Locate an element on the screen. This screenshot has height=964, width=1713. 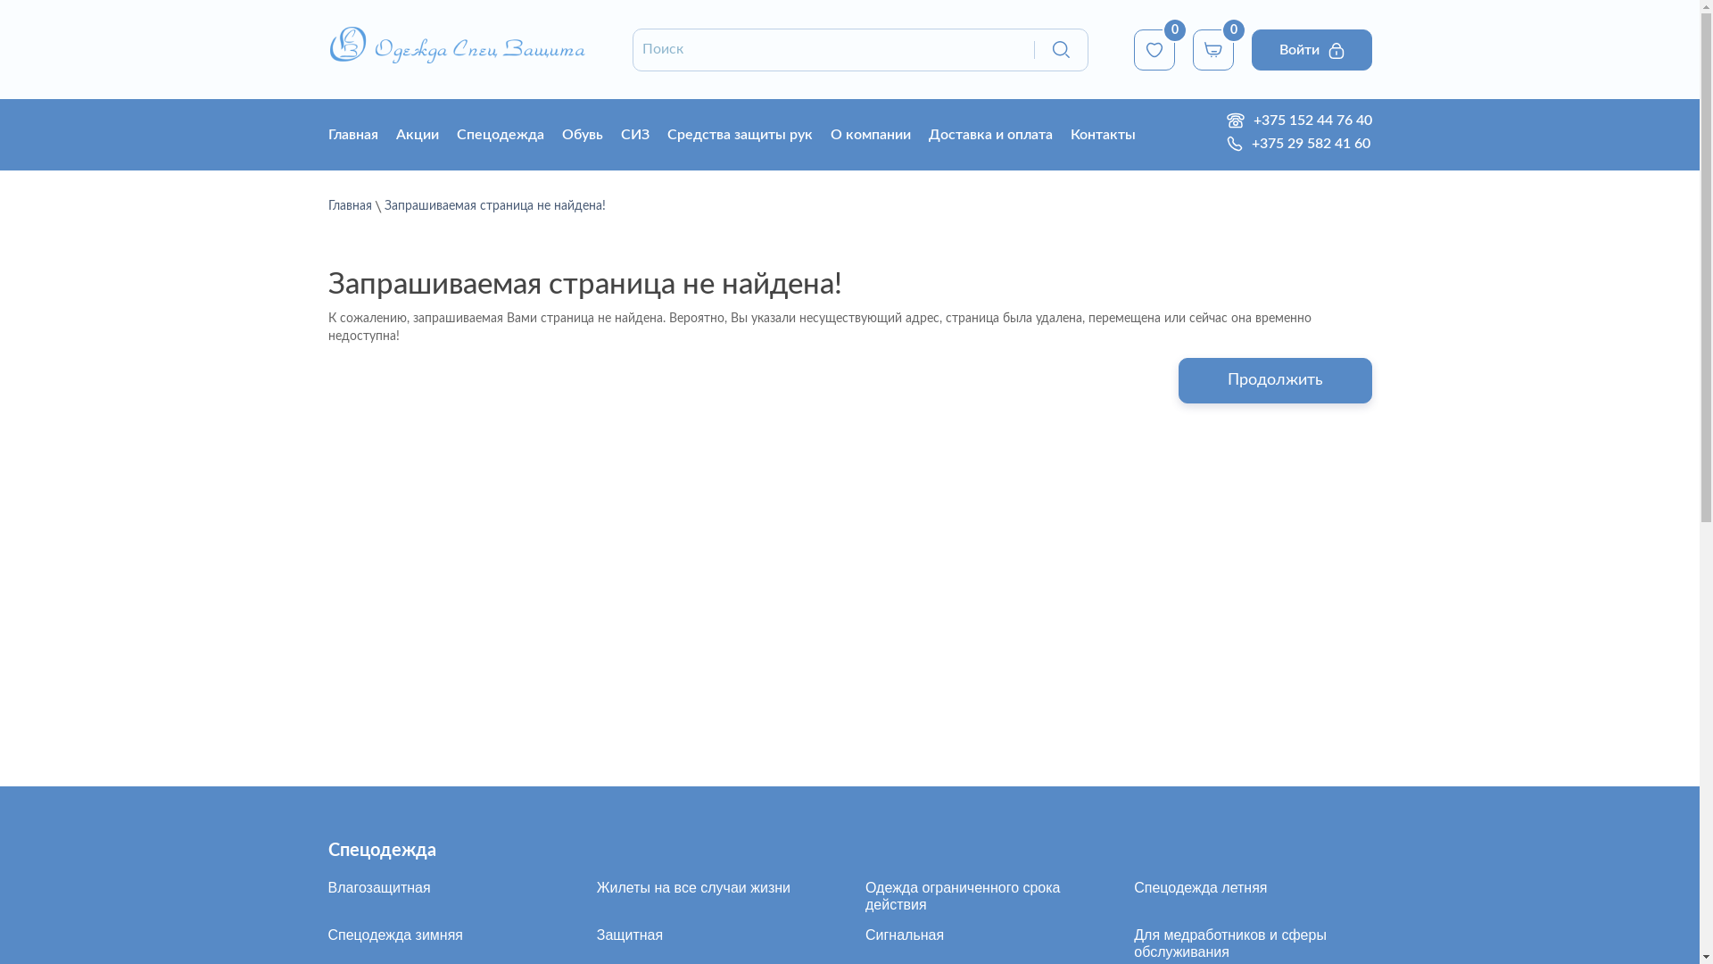
'0' is located at coordinates (1191, 47).